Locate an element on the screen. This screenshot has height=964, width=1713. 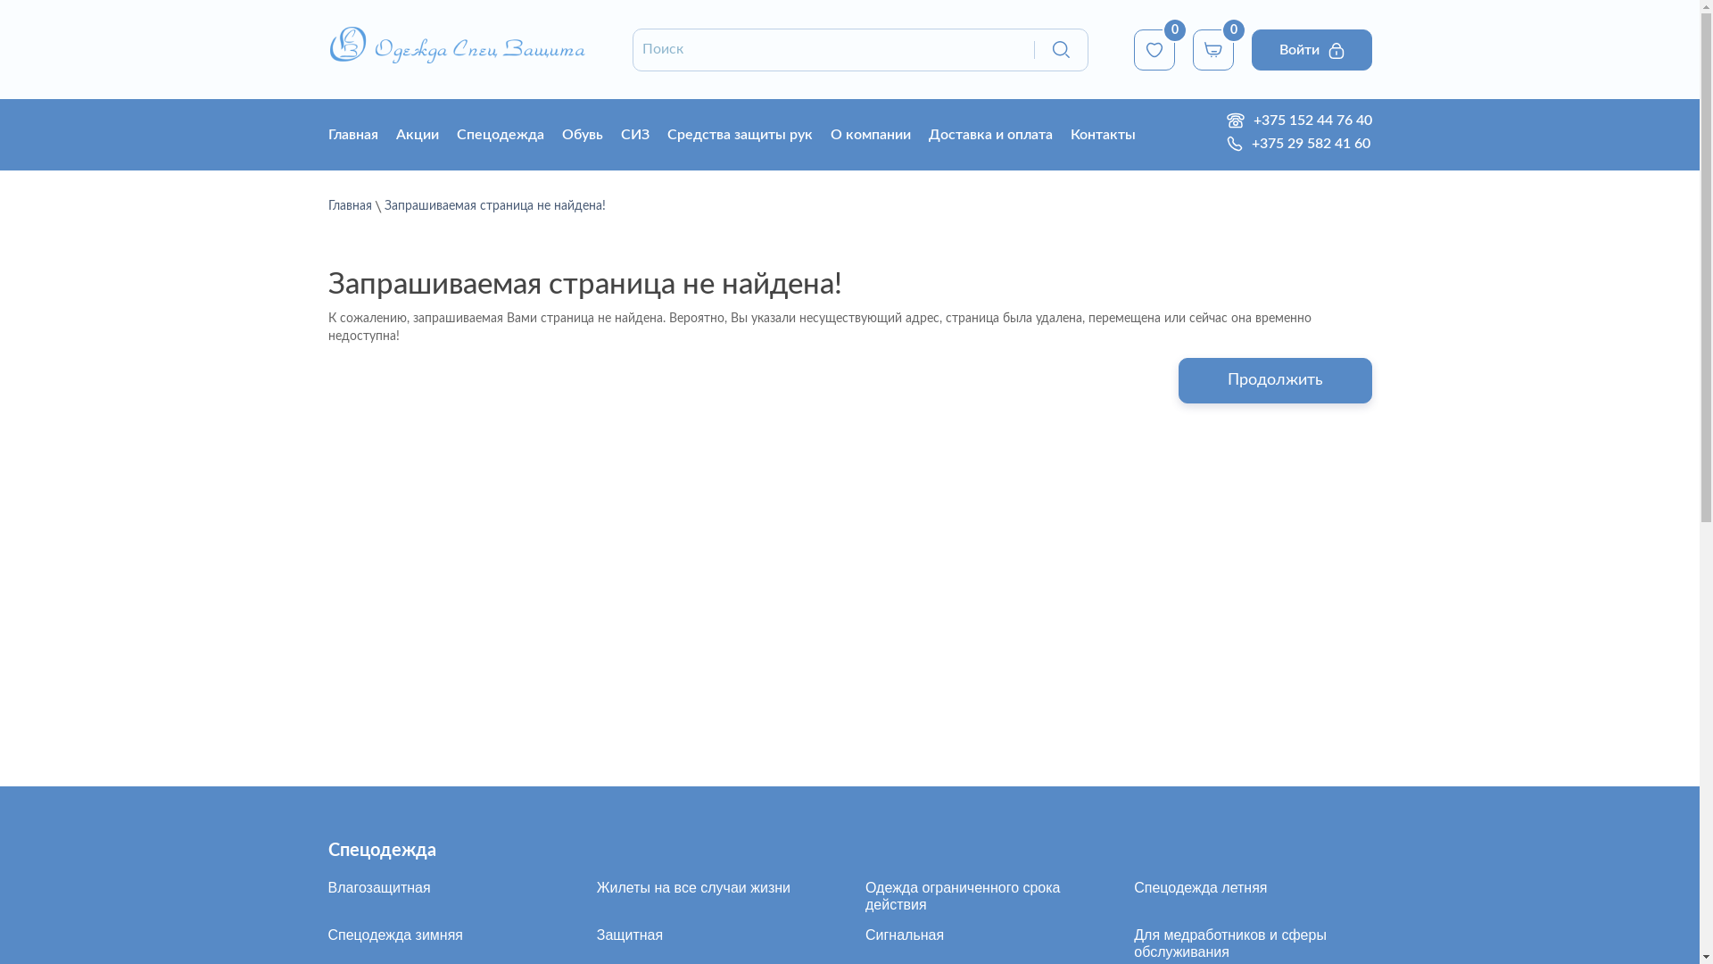
'0' is located at coordinates (1191, 47).